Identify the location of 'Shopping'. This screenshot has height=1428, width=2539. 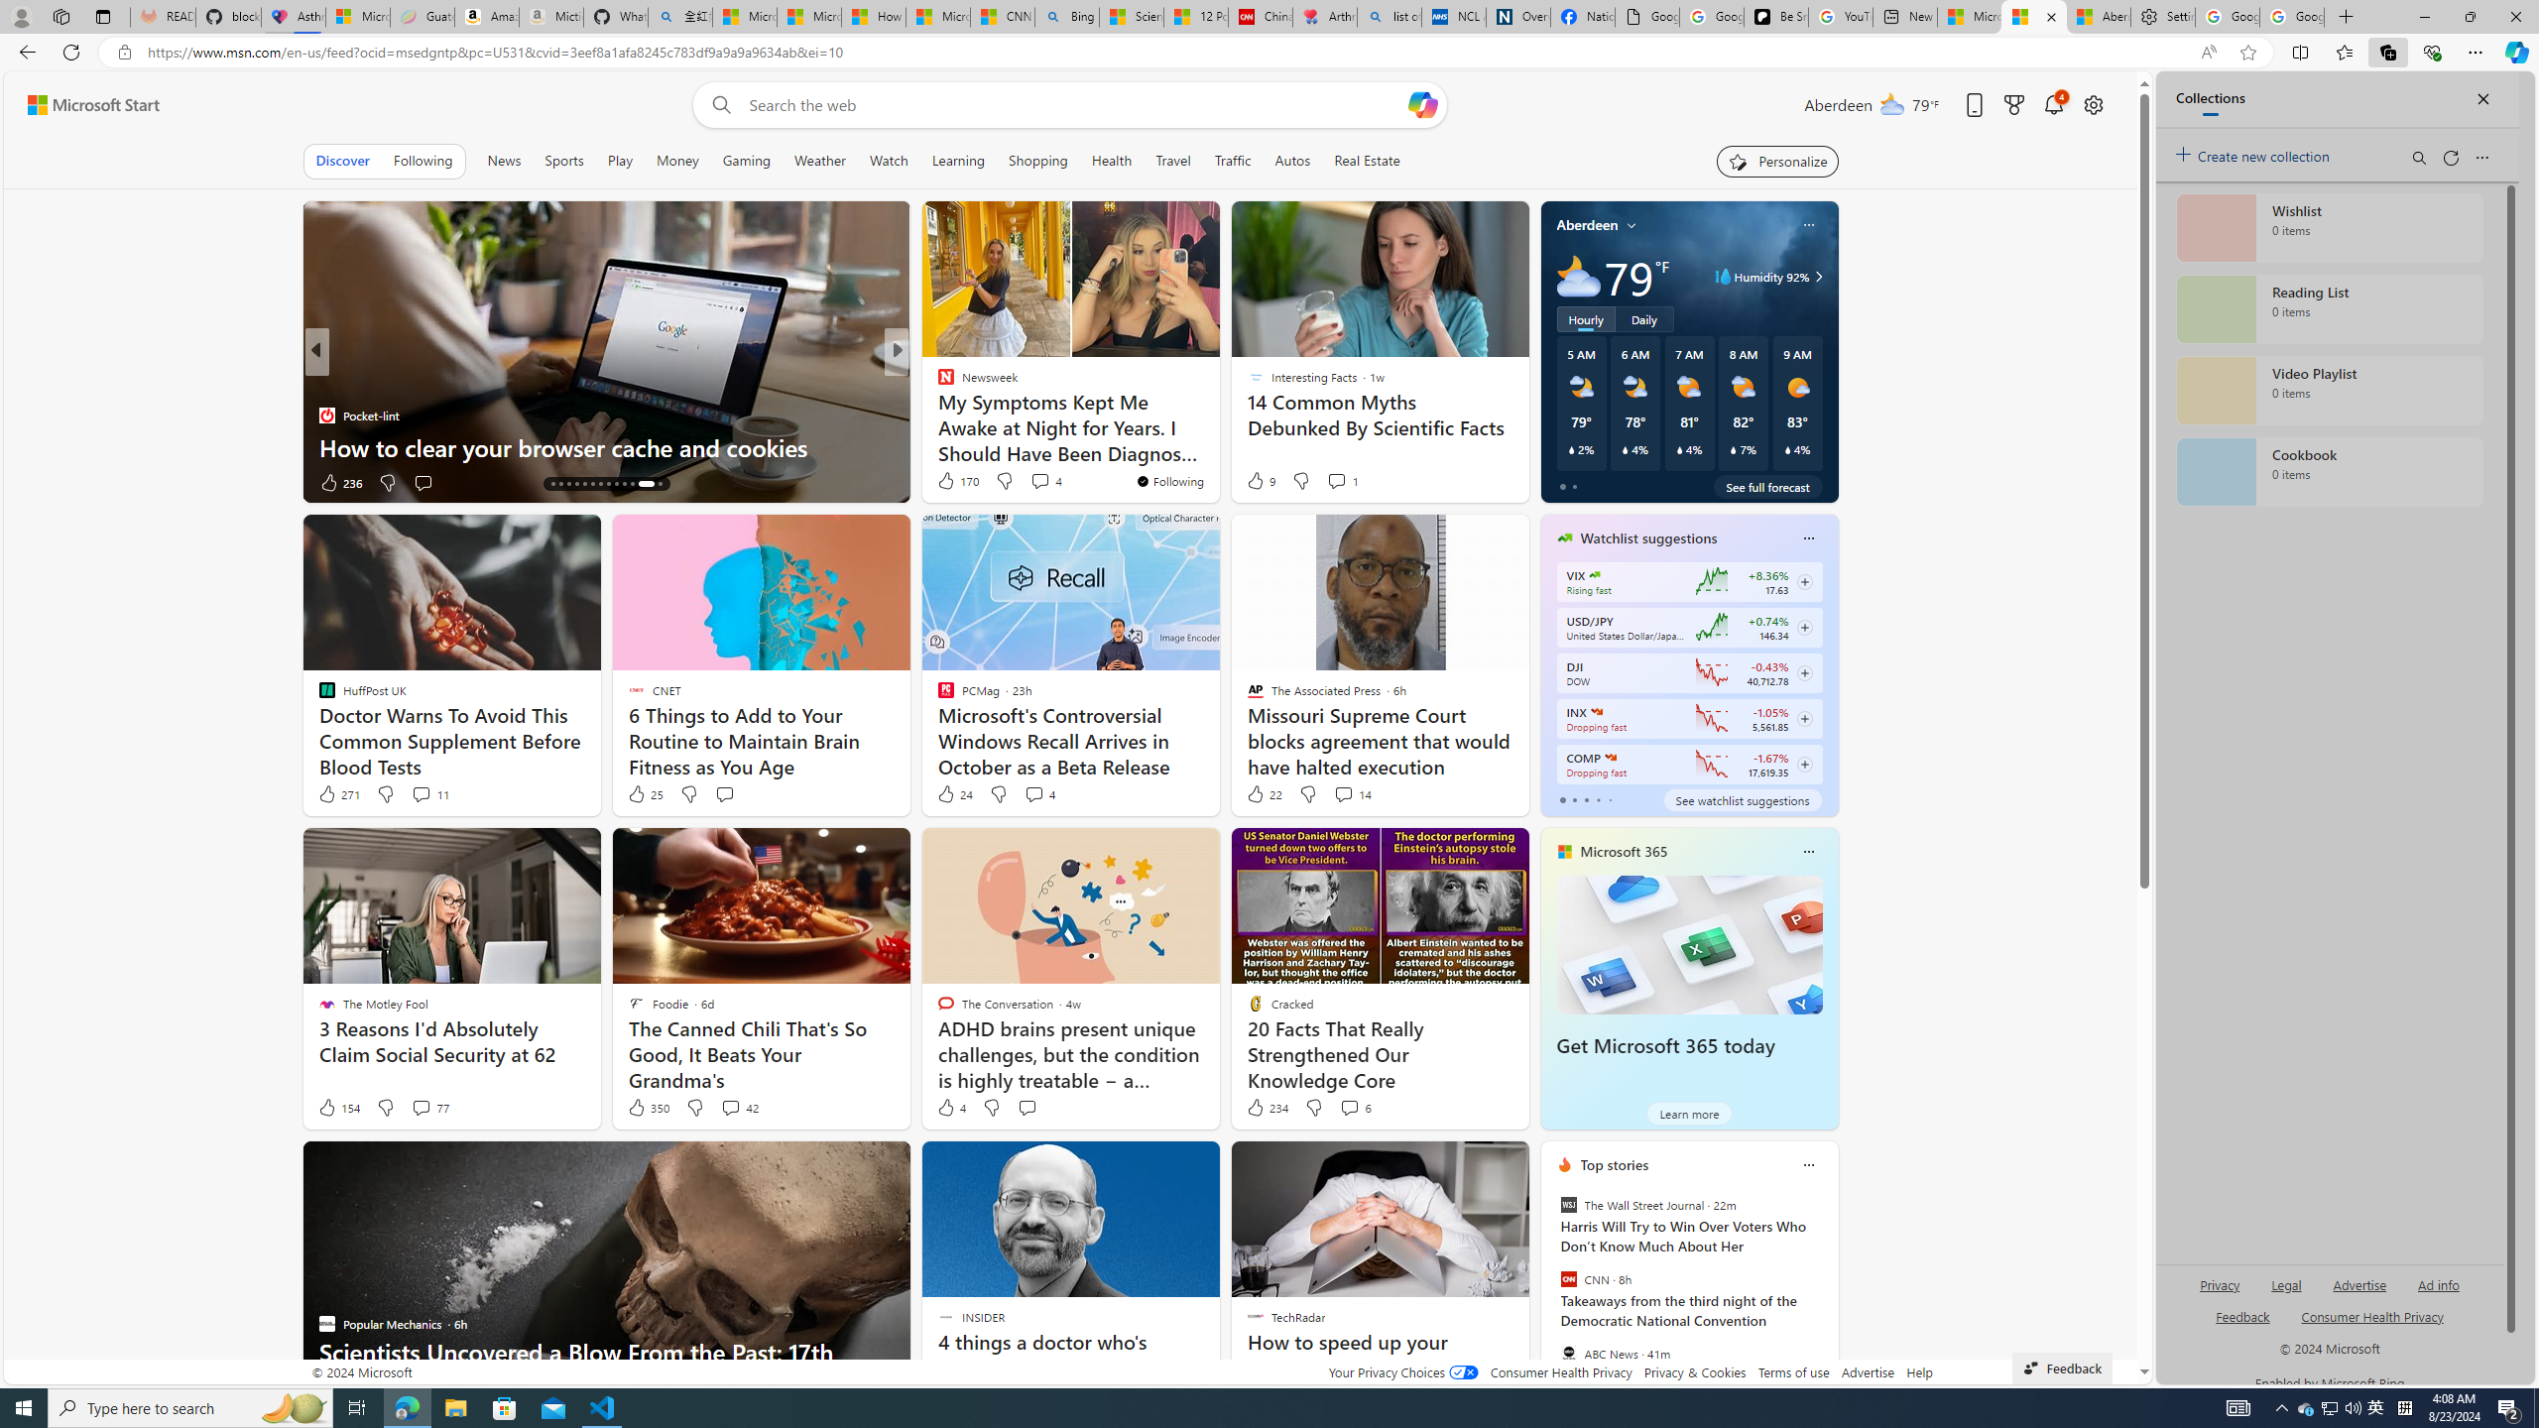
(1038, 160).